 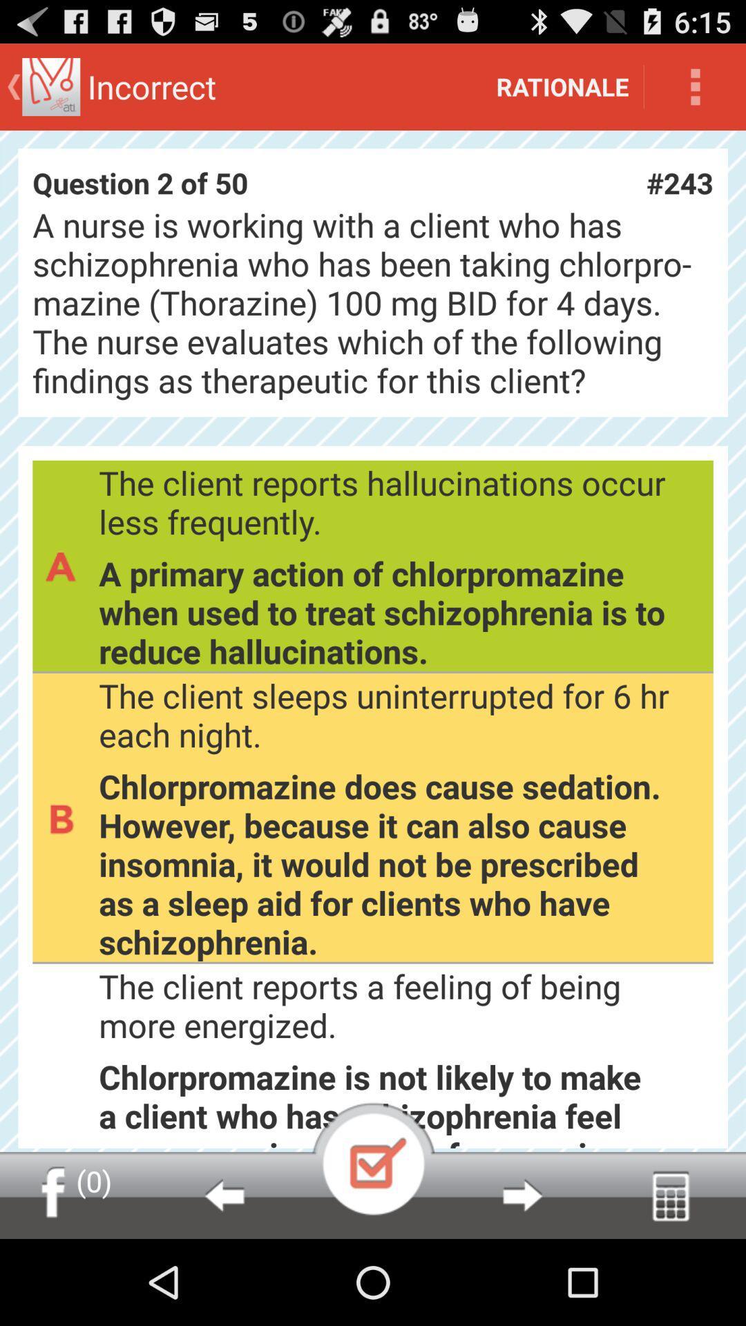 I want to click on calculator, so click(x=670, y=1195).